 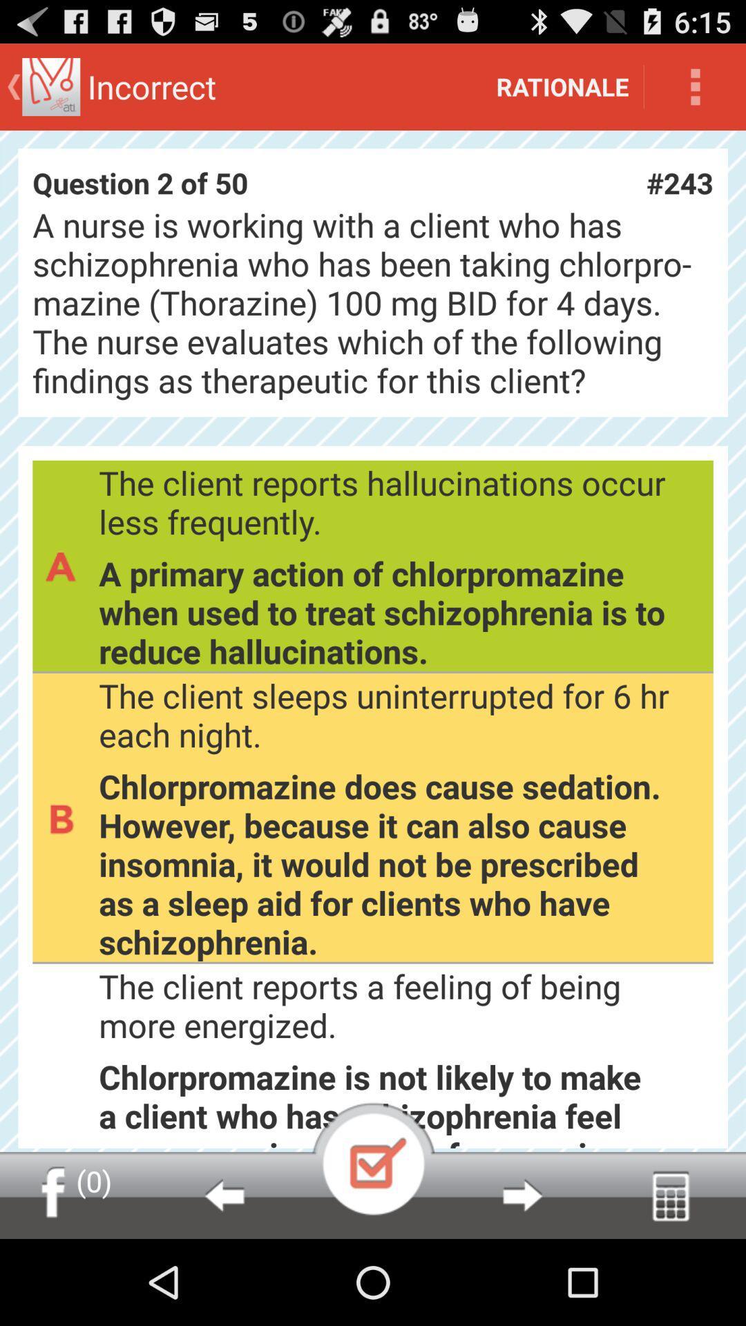 I want to click on calculator, so click(x=670, y=1195).